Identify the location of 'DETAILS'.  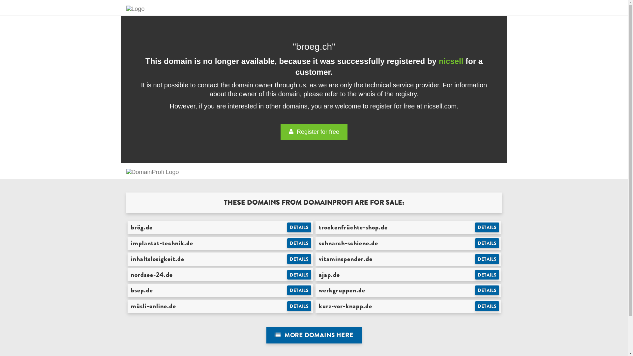
(299, 290).